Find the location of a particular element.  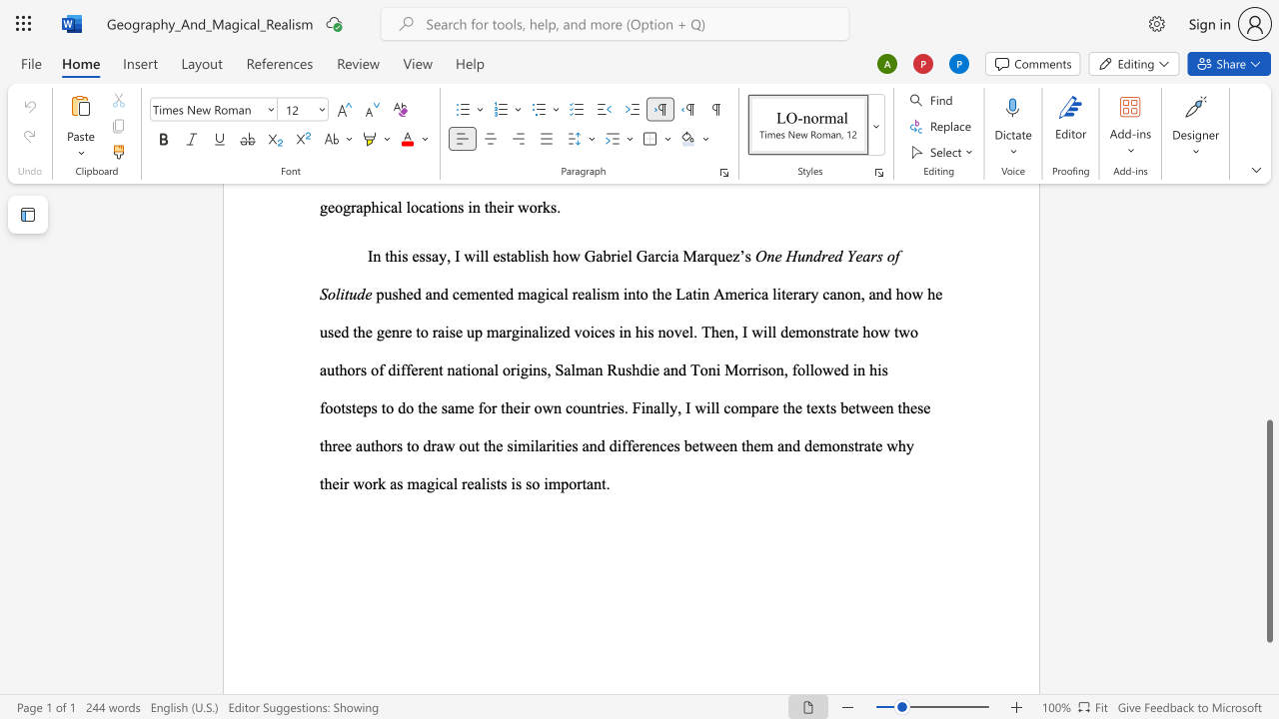

the scrollbar to move the content higher is located at coordinates (1268, 359).